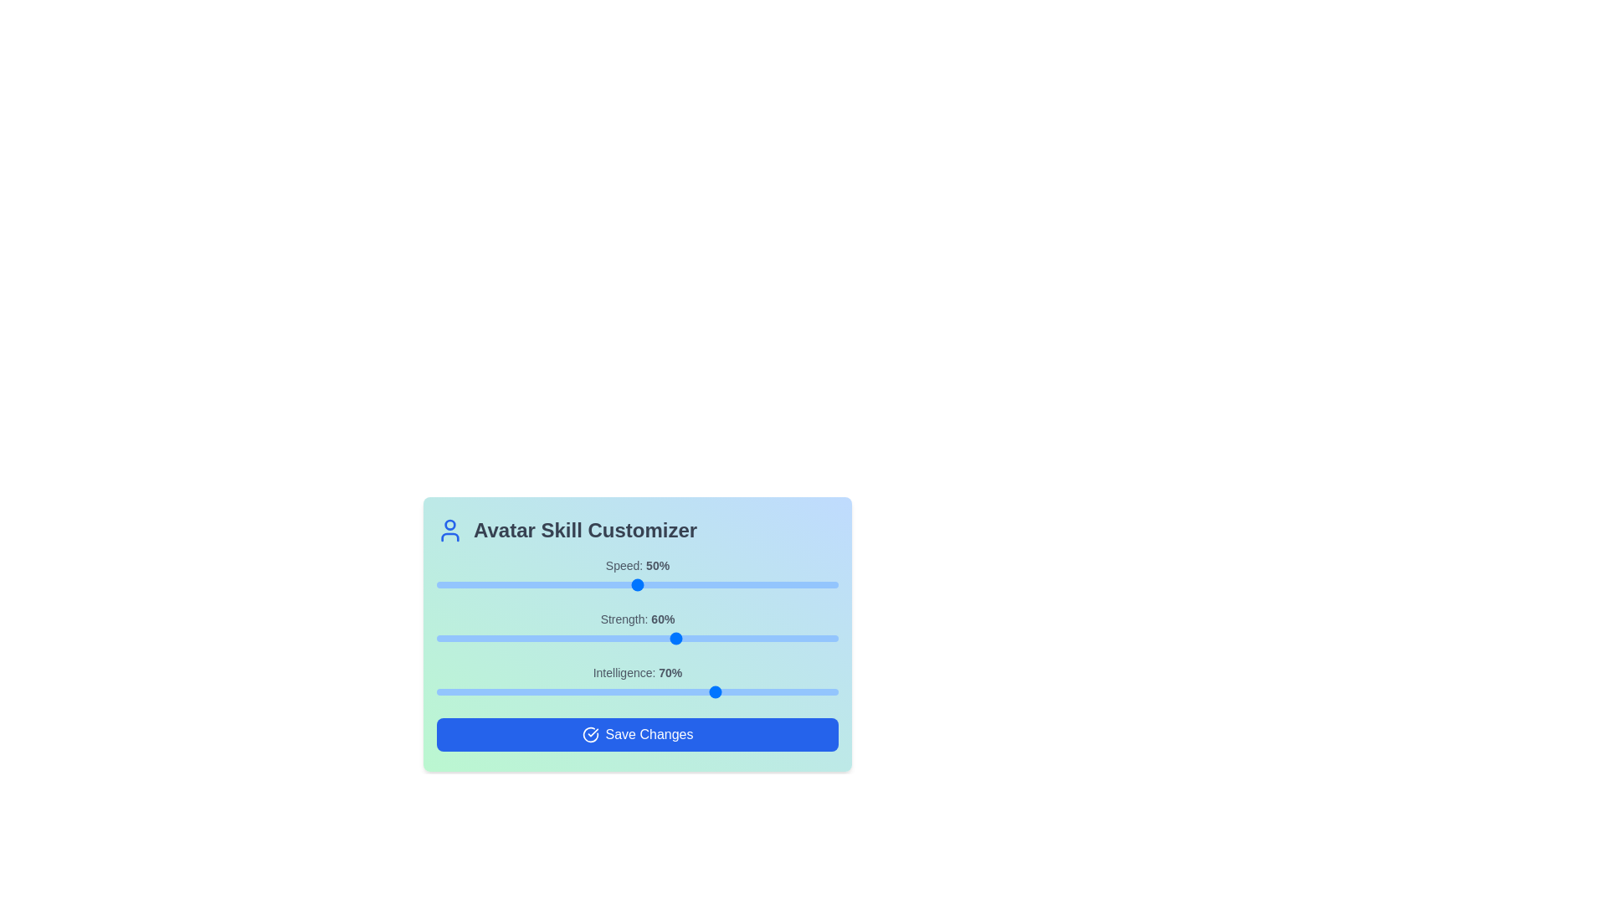  What do you see at coordinates (488, 691) in the screenshot?
I see `intelligence level` at bounding box center [488, 691].